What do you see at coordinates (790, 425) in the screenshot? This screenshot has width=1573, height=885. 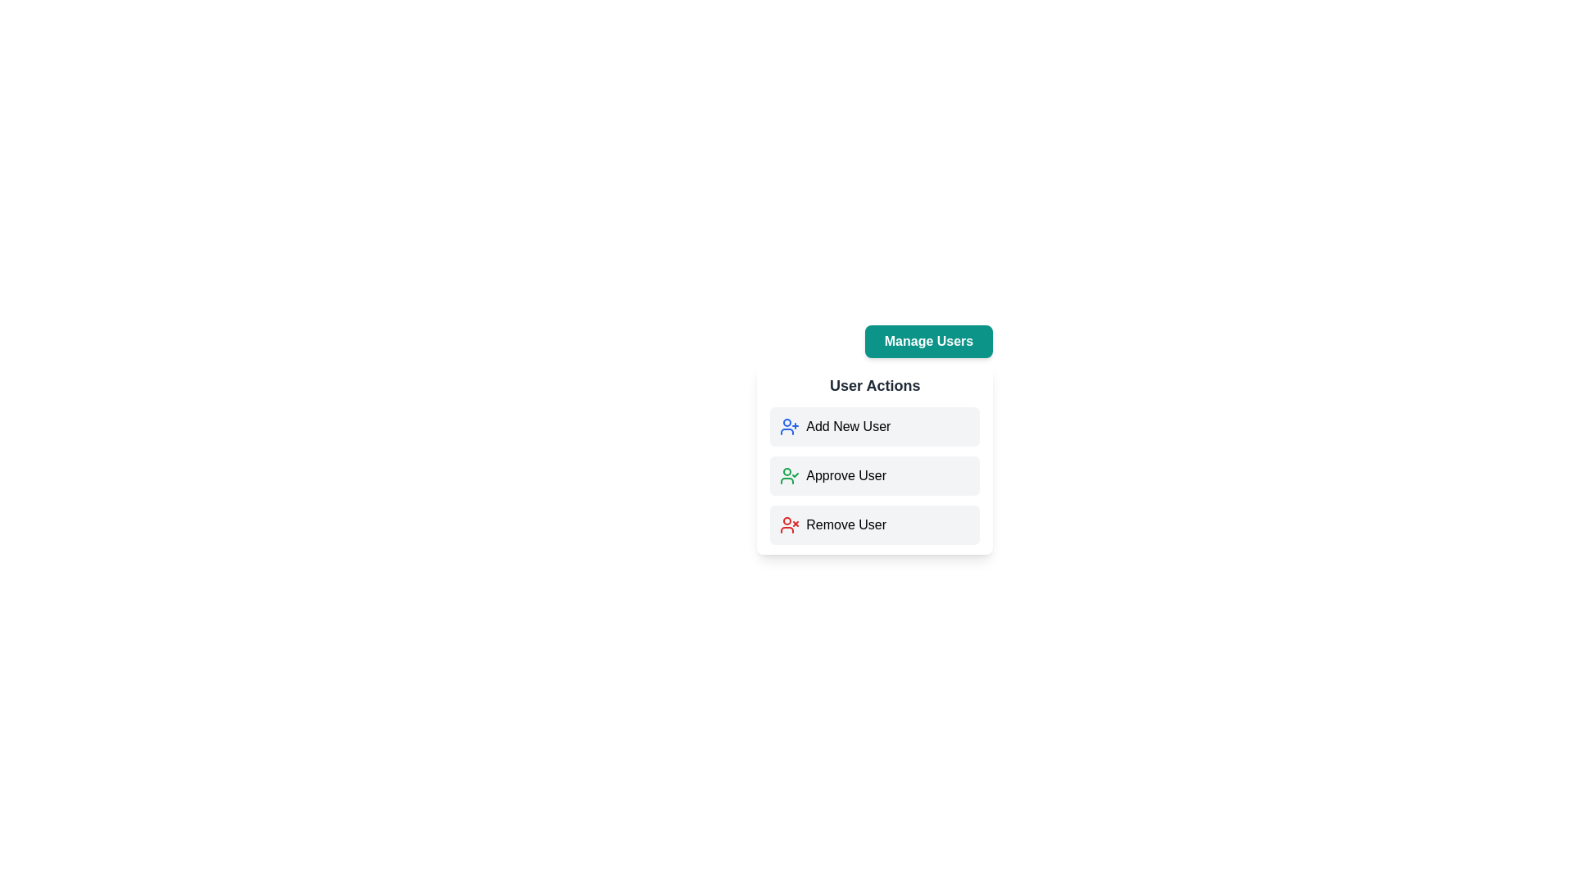 I see `the icon that visually complements the 'Add New User' button, indicating its purpose to add a new user` at bounding box center [790, 425].